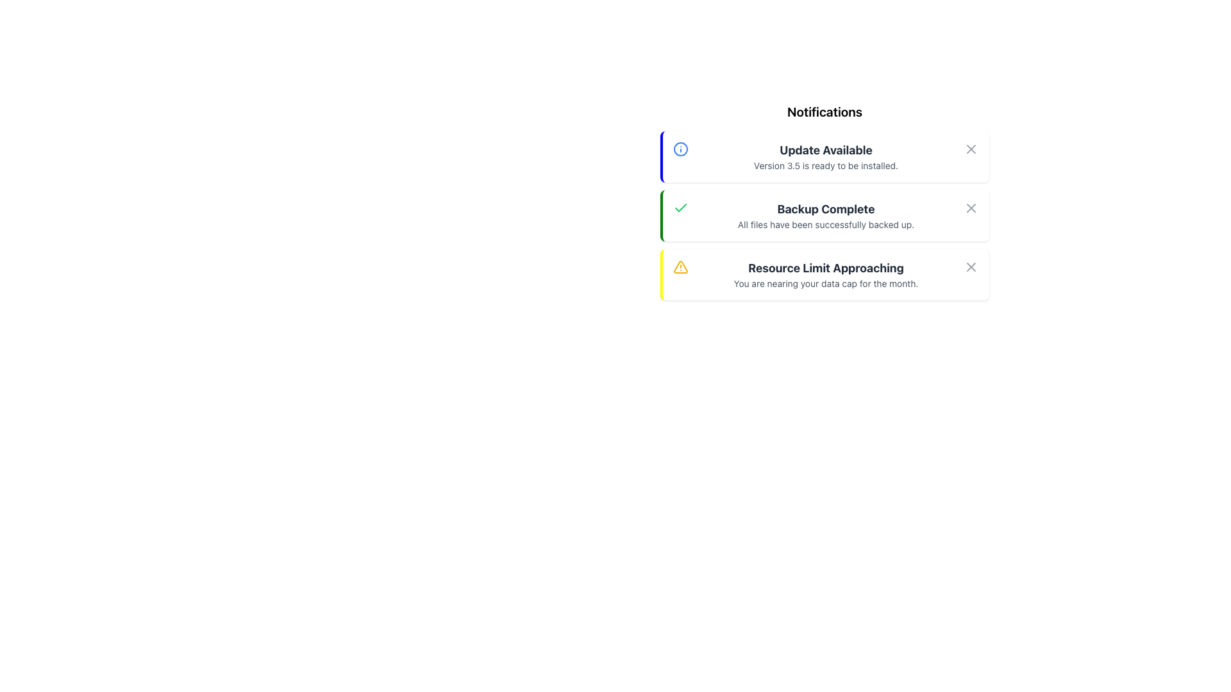 Image resolution: width=1231 pixels, height=692 pixels. Describe the element at coordinates (971, 148) in the screenshot. I see `the dismiss button (cross icon) in the notification panel titled 'Update Available'` at that location.